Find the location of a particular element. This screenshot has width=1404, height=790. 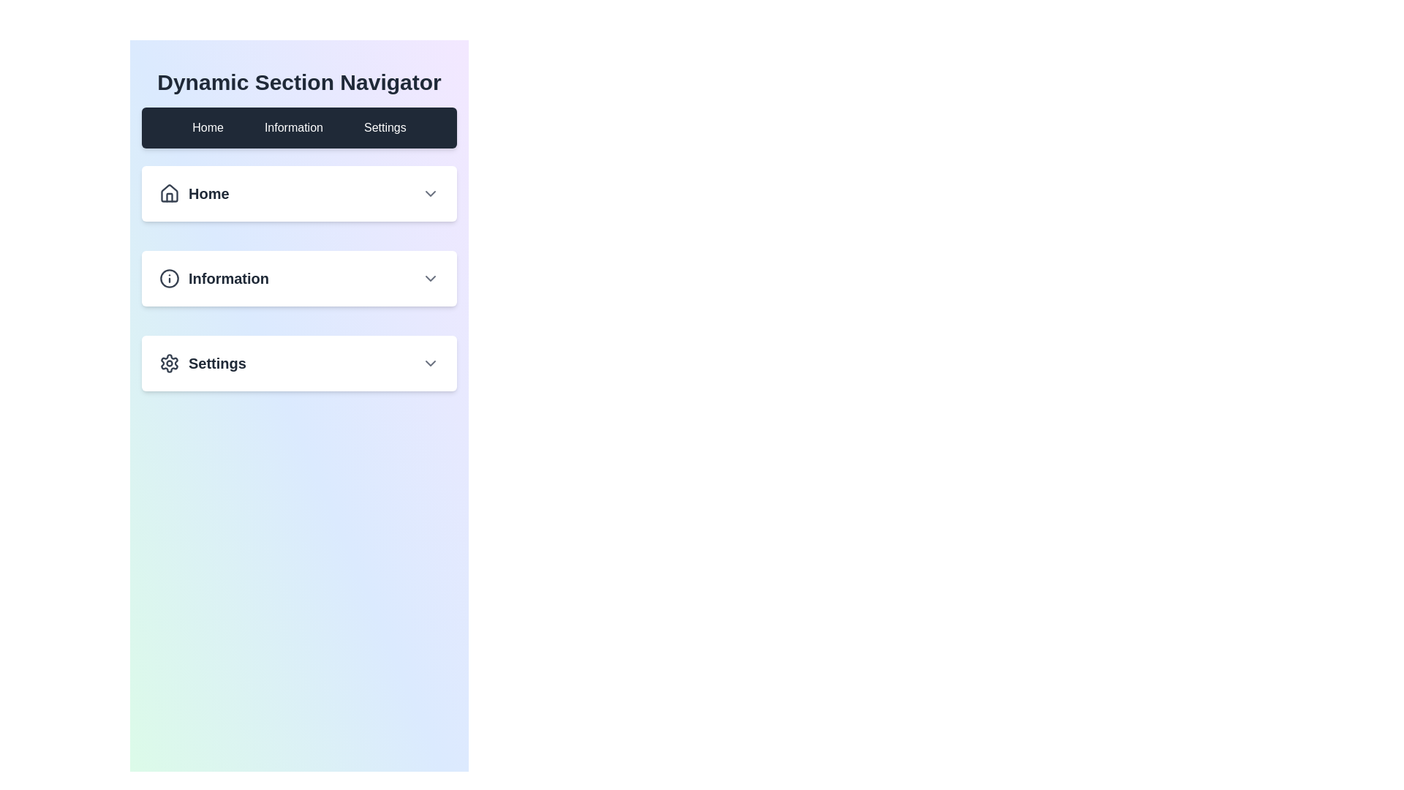

the Navigation link which is the first entry in the vertical list of navigation options on the center-left of the page is located at coordinates (193, 193).